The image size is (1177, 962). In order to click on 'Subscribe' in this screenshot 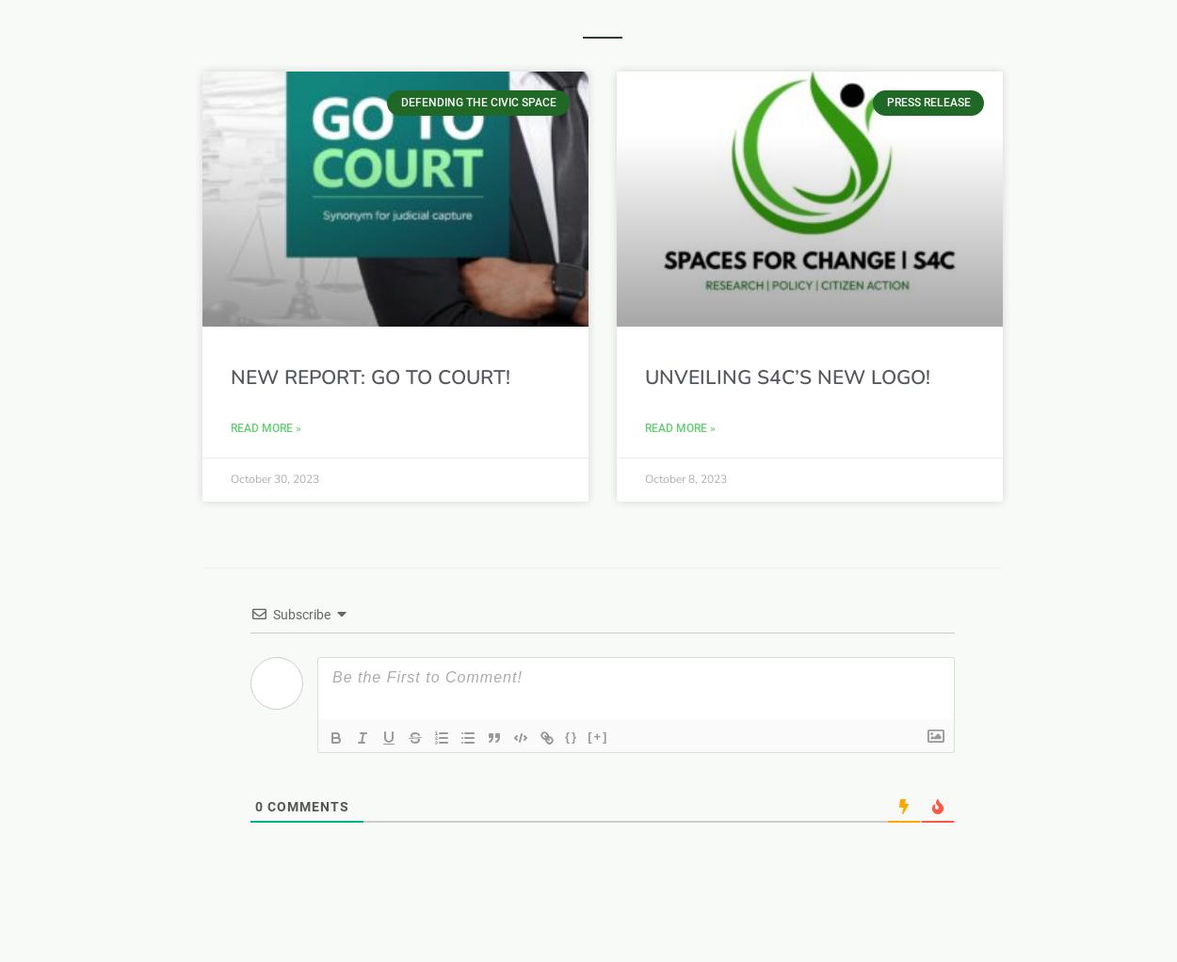, I will do `click(300, 614)`.